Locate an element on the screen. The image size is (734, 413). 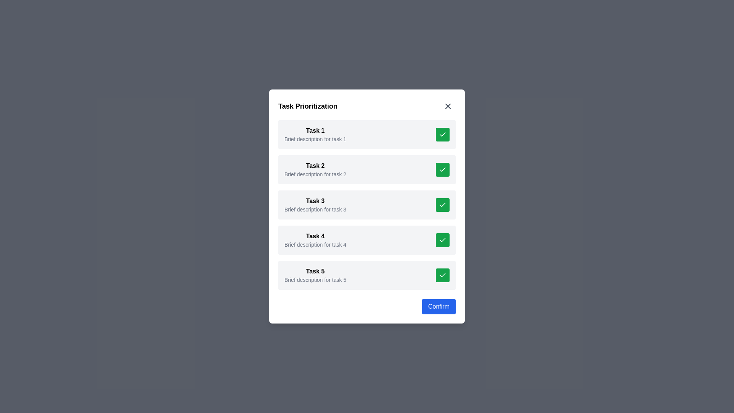
the Composite text block for 'Task 1' is located at coordinates (315, 134).